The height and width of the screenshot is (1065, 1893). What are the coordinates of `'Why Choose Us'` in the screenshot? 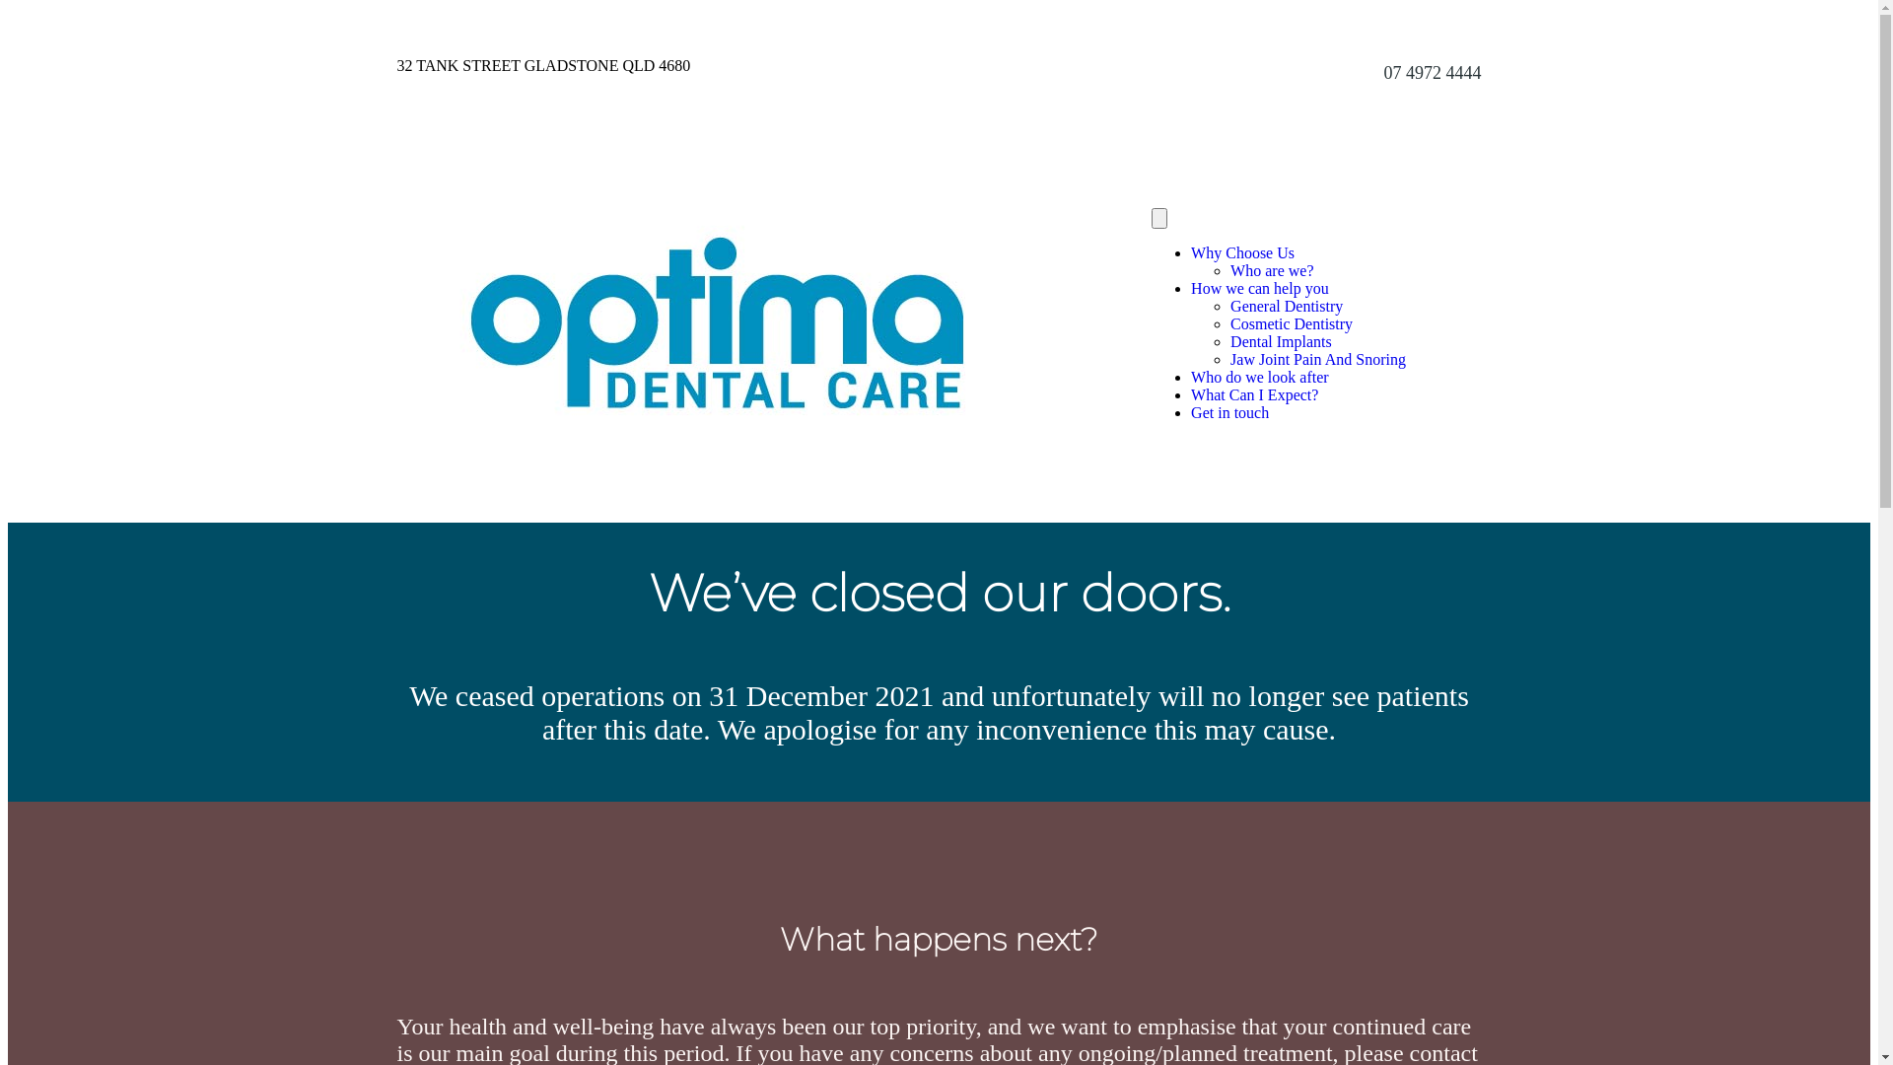 It's located at (1190, 251).